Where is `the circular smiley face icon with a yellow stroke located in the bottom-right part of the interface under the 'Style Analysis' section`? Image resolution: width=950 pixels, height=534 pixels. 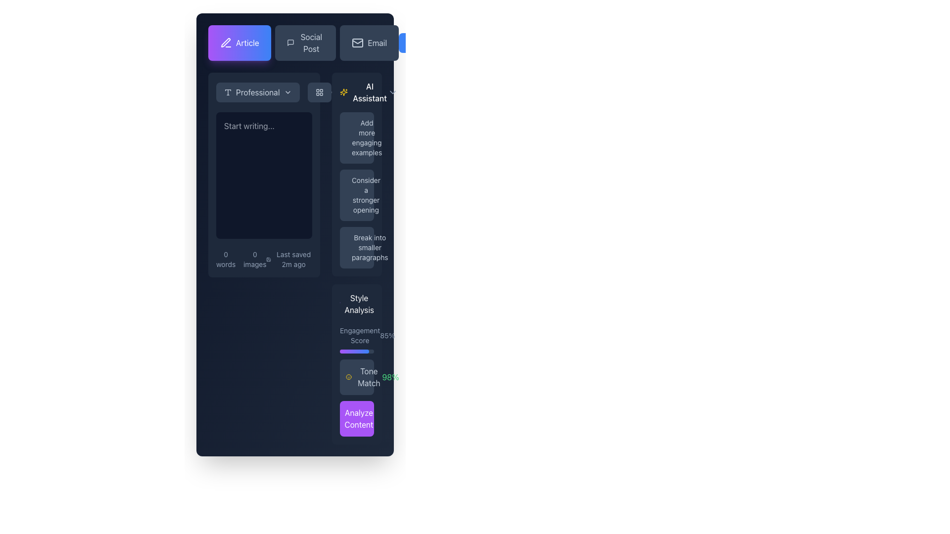
the circular smiley face icon with a yellow stroke located in the bottom-right part of the interface under the 'Style Analysis' section is located at coordinates (349, 377).